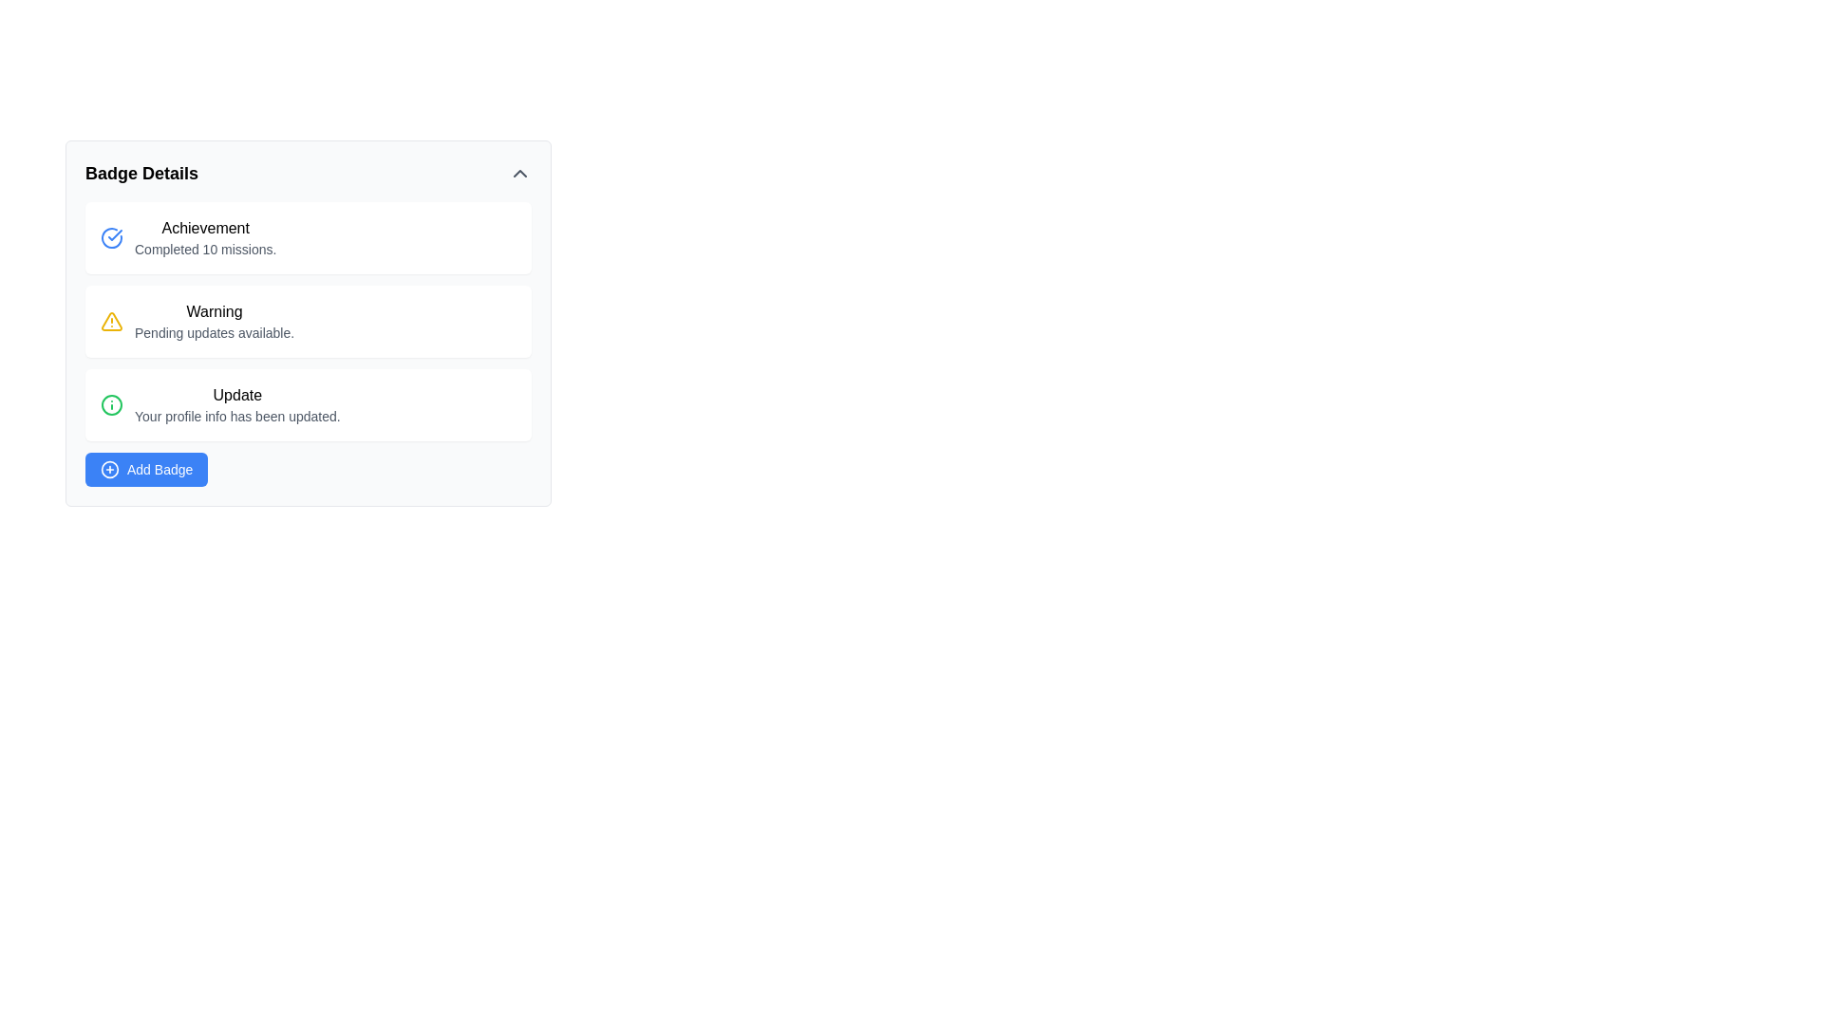 This screenshot has width=1823, height=1025. Describe the element at coordinates (519, 173) in the screenshot. I see `the icon in the top-right corner of the 'Badge Details' section header` at that location.